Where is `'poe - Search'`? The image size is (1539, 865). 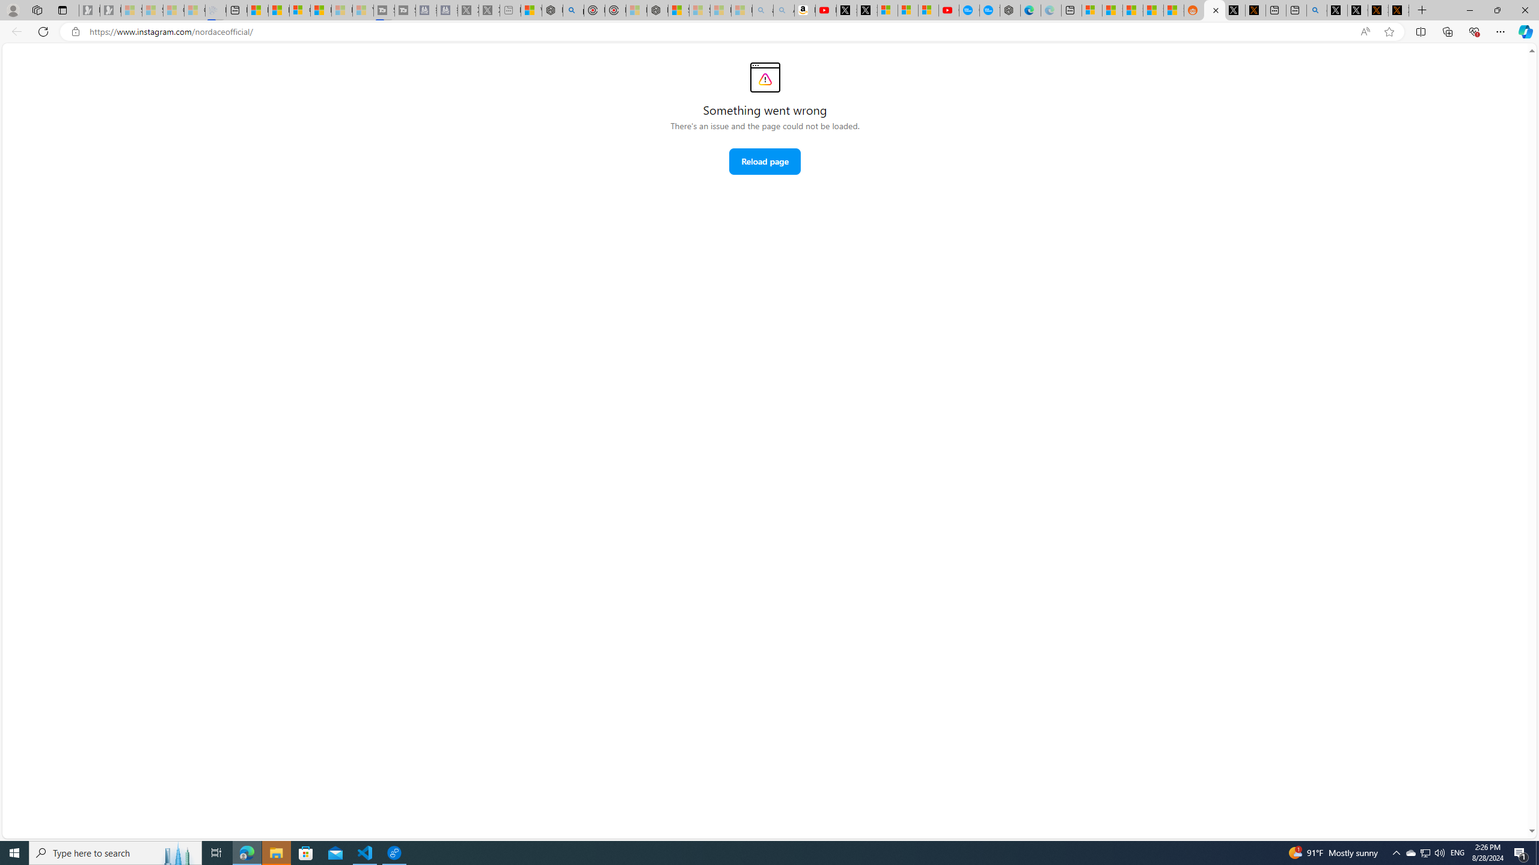 'poe - Search' is located at coordinates (573, 10).